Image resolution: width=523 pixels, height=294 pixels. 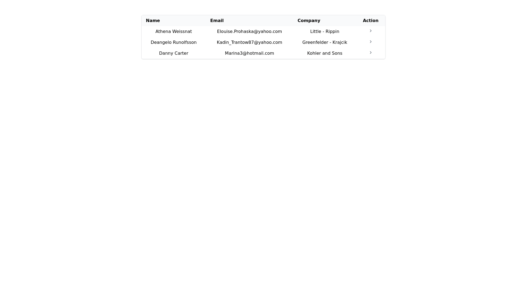 I want to click on the fourth table header cell labeled 'Action', which is located at the rightmost end of the header row, so click(x=370, y=20).